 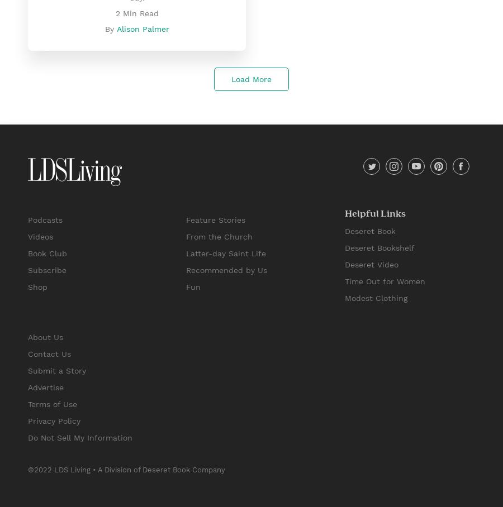 I want to click on 'About Us', so click(x=45, y=337).